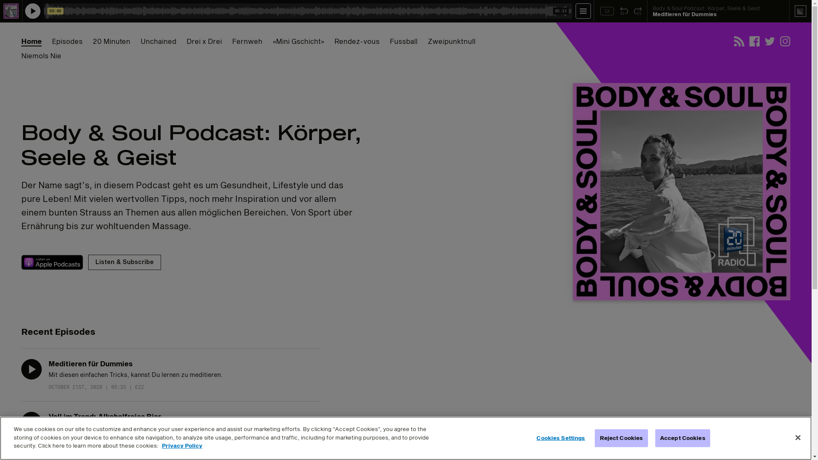 The height and width of the screenshot is (460, 818). I want to click on 'Home', so click(21, 41).